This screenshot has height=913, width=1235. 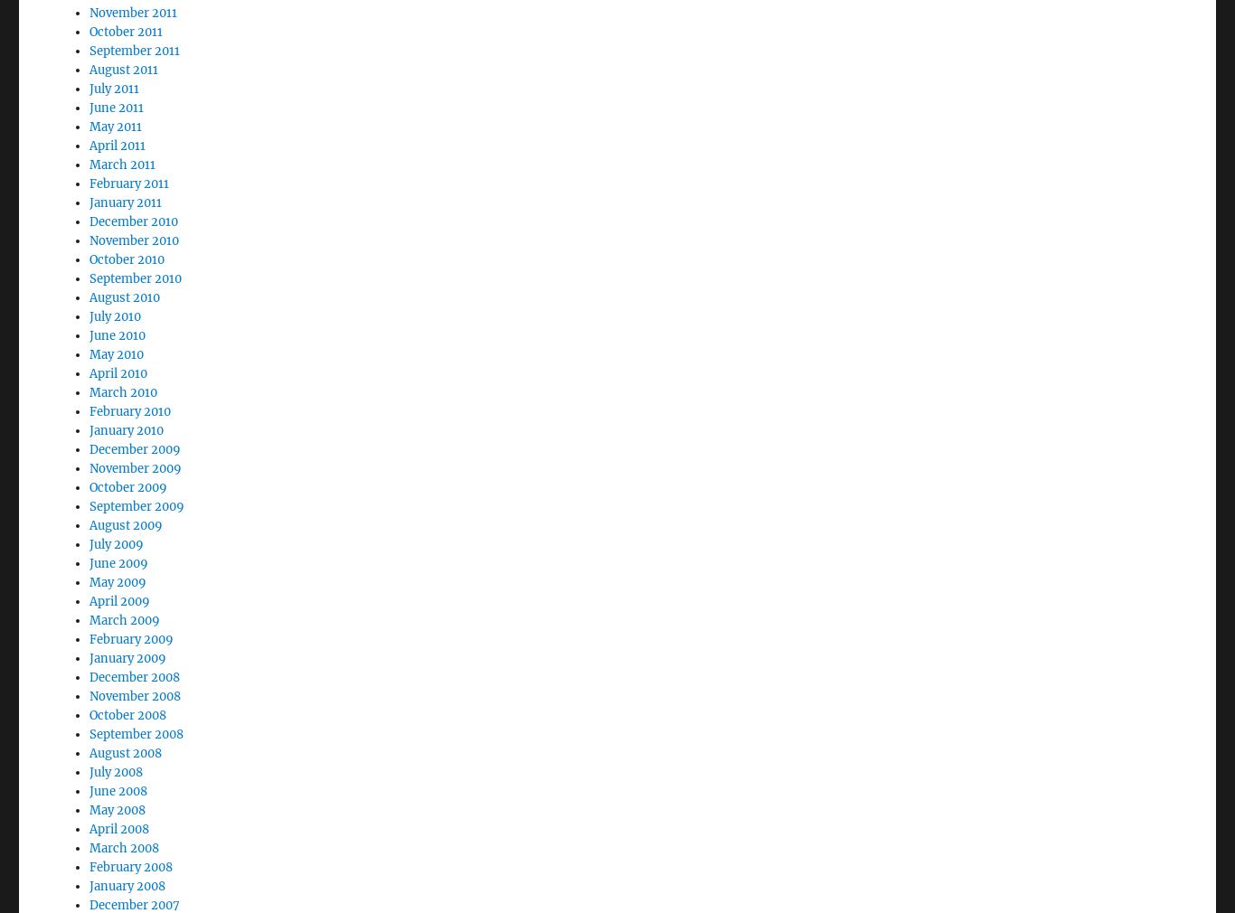 What do you see at coordinates (115, 57) in the screenshot?
I see `'June 2011'` at bounding box center [115, 57].